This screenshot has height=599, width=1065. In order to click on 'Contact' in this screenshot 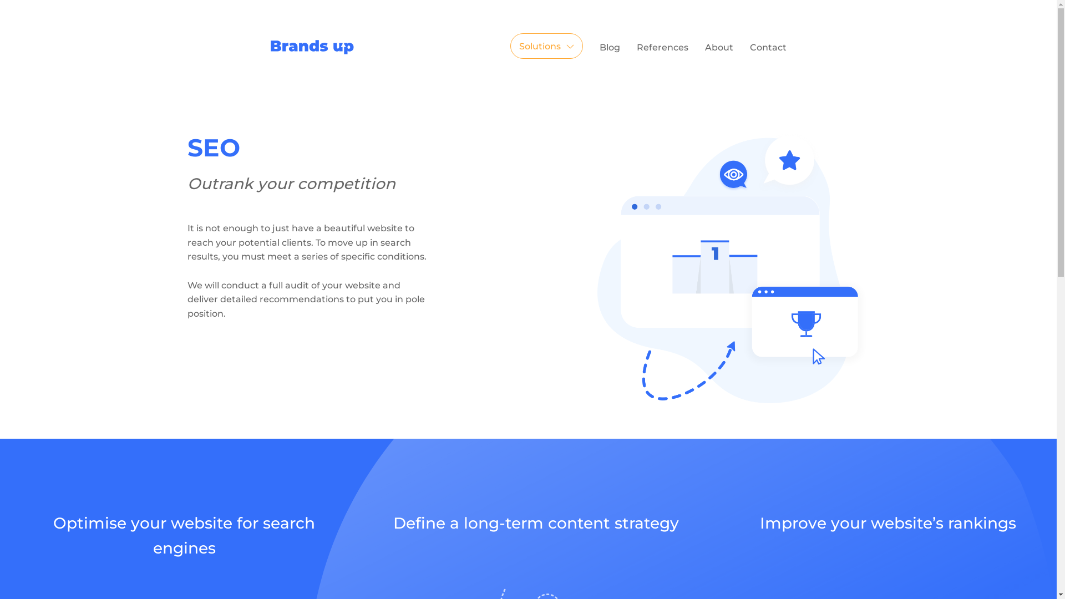, I will do `click(750, 47)`.